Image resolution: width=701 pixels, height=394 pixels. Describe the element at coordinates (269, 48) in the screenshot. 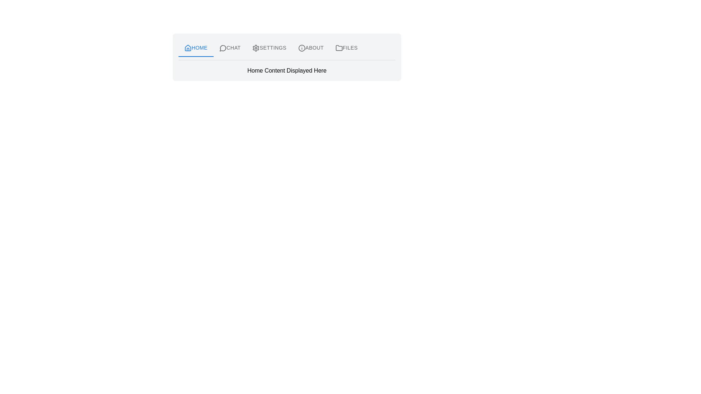

I see `the Tab button in the navigation bar, which is the third item from the left` at that location.